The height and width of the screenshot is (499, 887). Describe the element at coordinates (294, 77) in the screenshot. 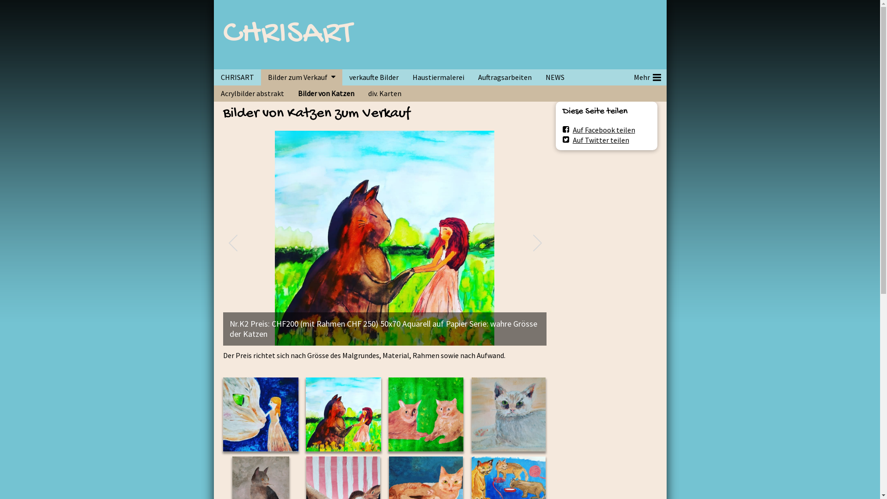

I see `'Bilder zum Verkauf'` at that location.